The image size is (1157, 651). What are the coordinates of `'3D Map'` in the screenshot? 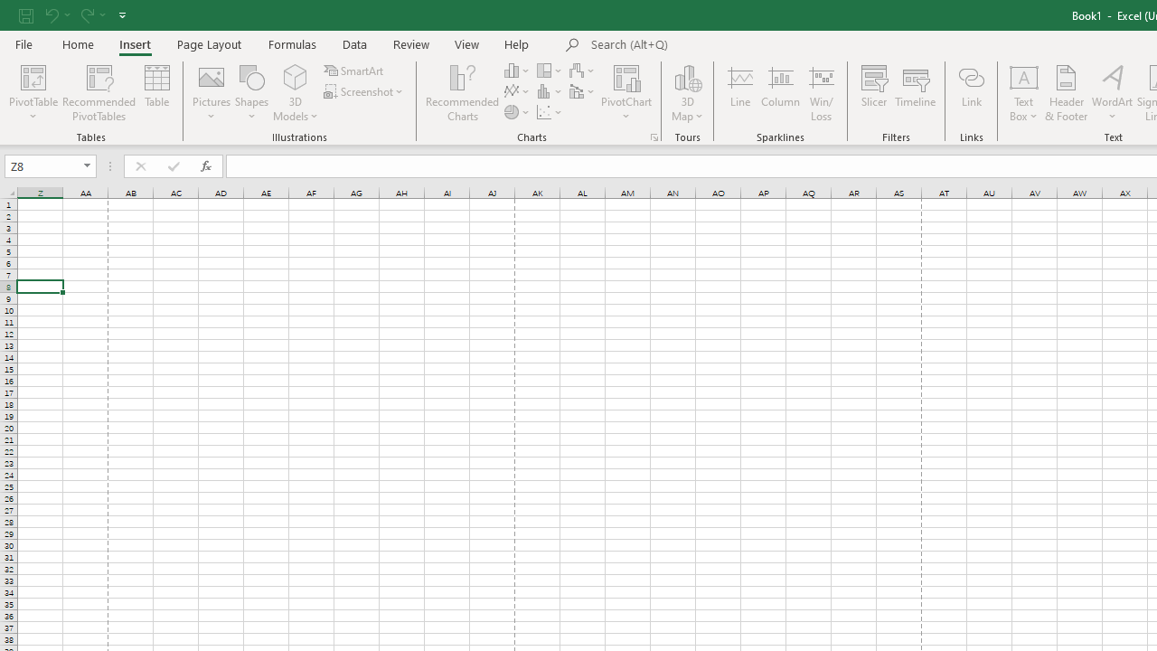 It's located at (686, 76).